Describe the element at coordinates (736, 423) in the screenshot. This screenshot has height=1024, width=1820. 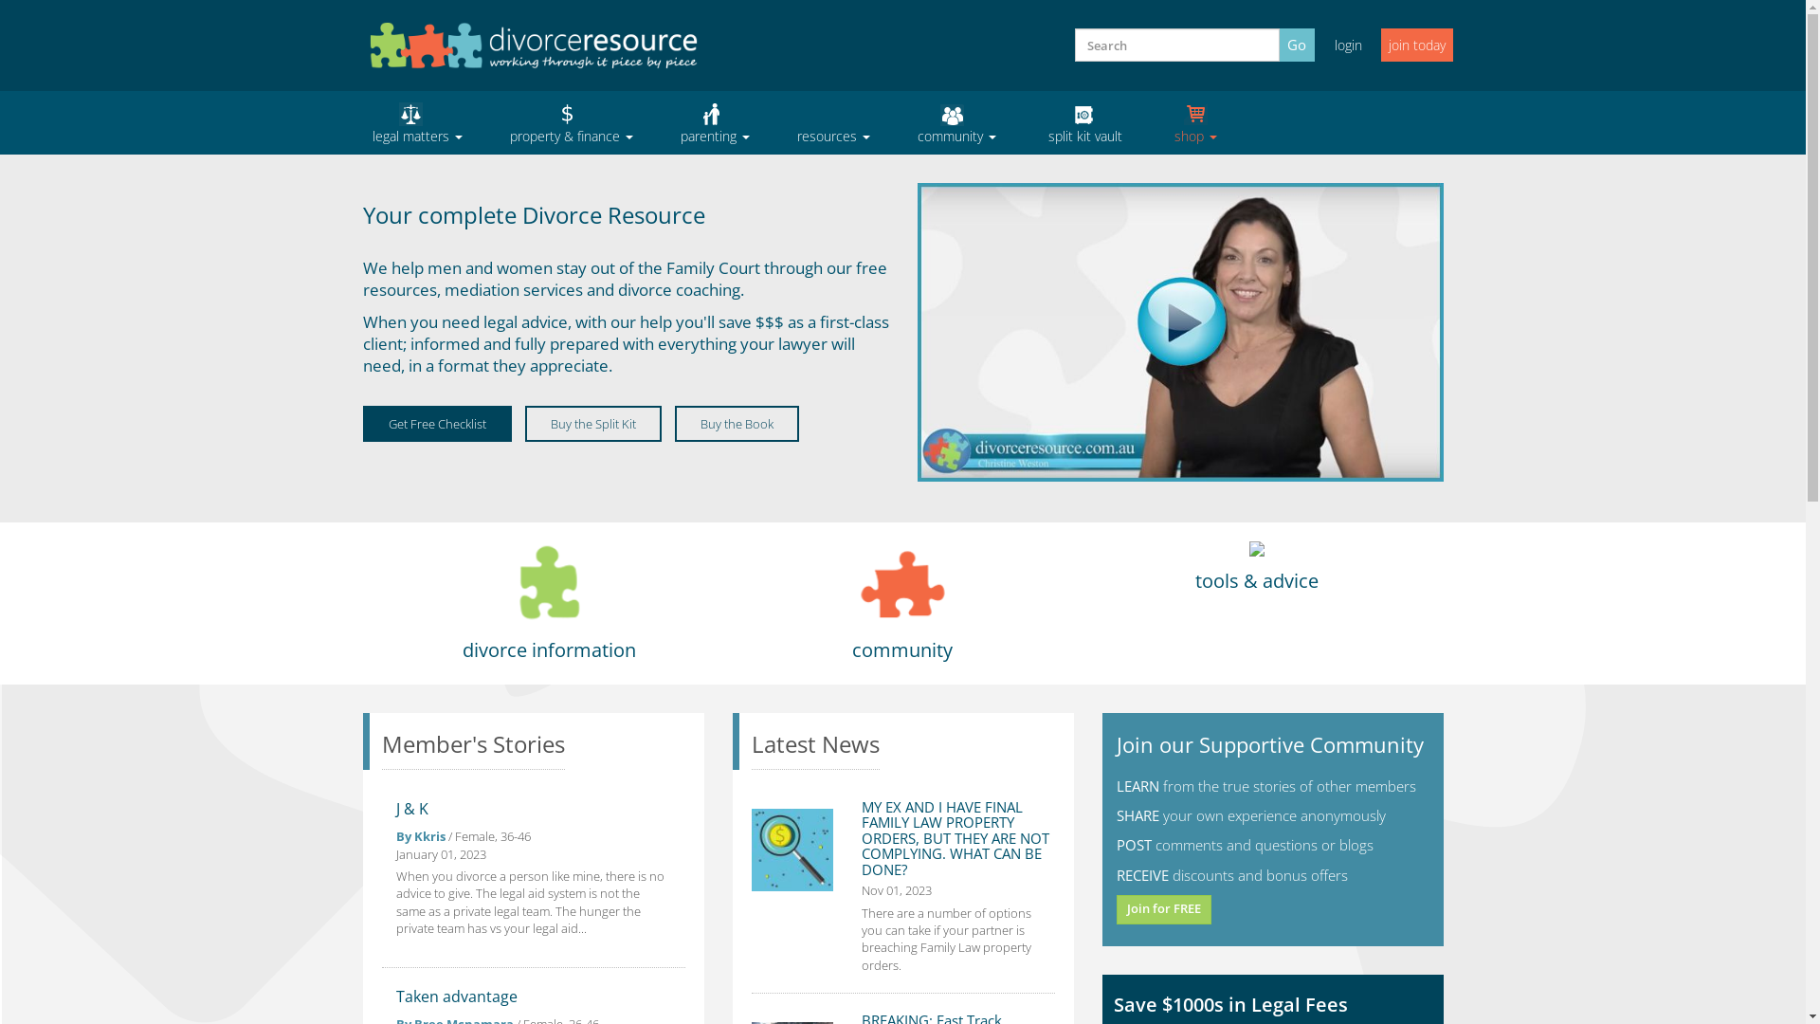
I see `'Buy the Book'` at that location.